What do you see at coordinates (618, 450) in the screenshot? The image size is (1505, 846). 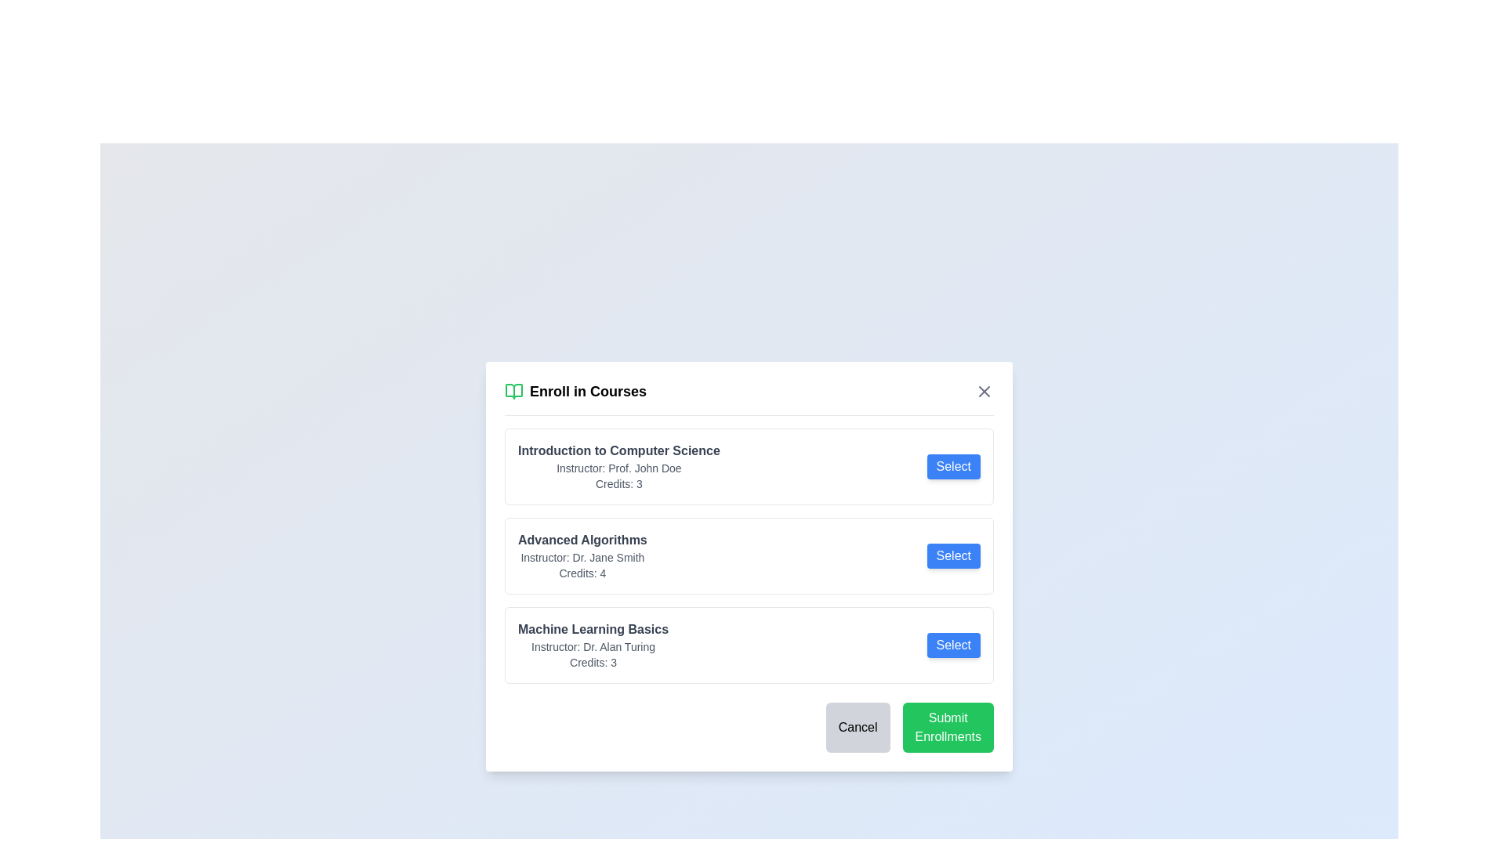 I see `course title text label located at the top of the first course entry, which identifies the course name clearly above the instructor and credits information` at bounding box center [618, 450].